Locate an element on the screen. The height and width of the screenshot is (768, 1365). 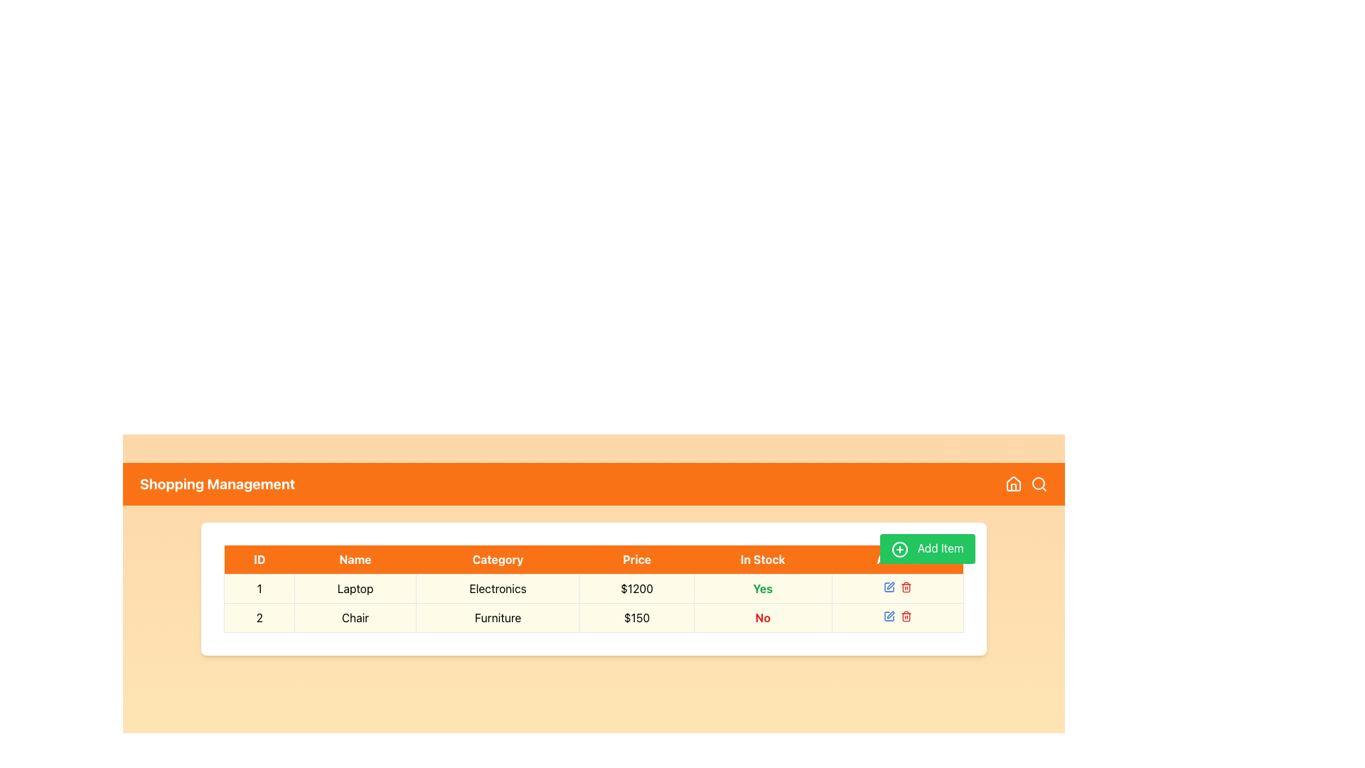
the clickable icon in the last column of the second product's row to possibly display a tooltip is located at coordinates (888, 587).